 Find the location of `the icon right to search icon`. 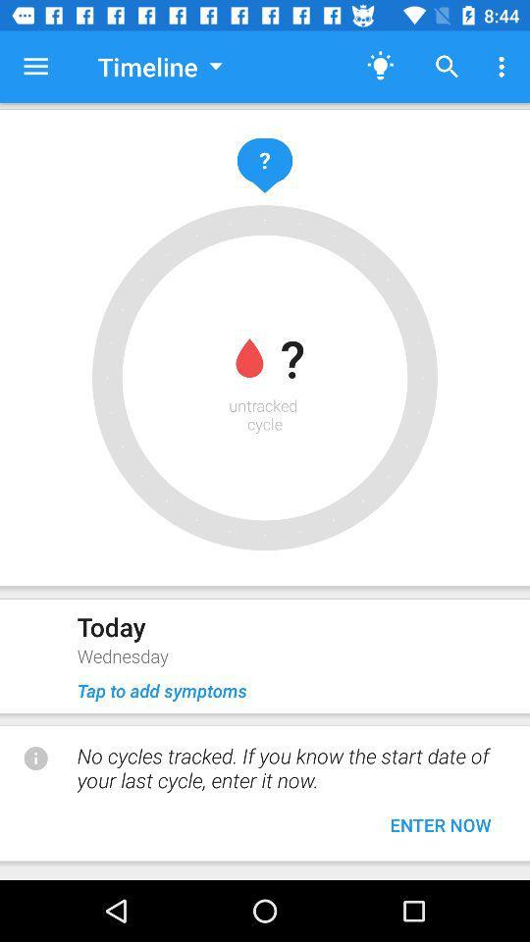

the icon right to search icon is located at coordinates (504, 67).